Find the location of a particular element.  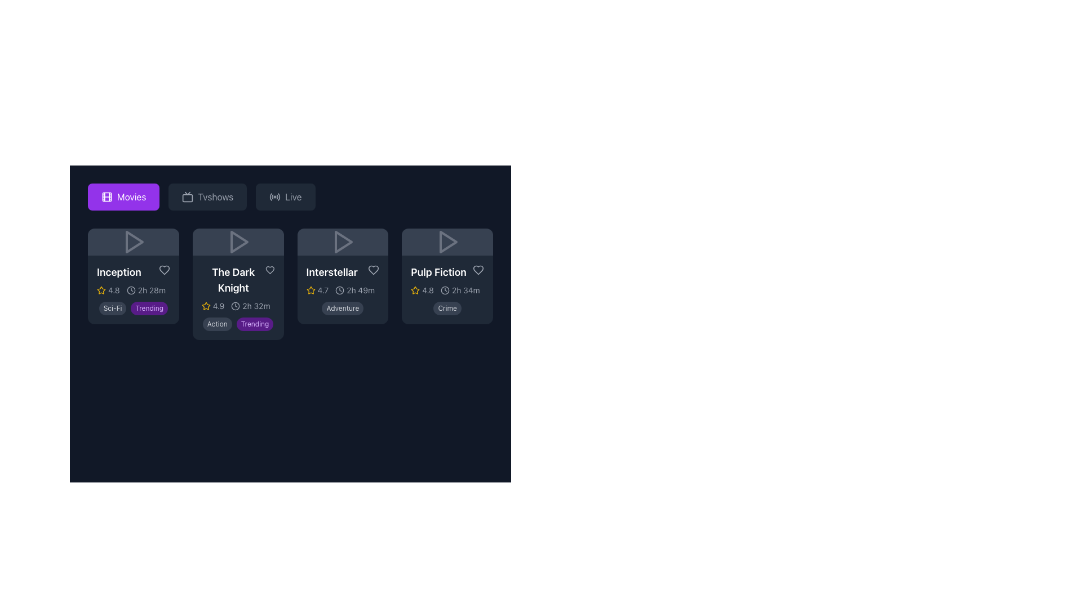

the triangular-shaped play icon for 'The Dark Knight' in the second card from the left to trigger a visual or interactive response is located at coordinates (237, 241).